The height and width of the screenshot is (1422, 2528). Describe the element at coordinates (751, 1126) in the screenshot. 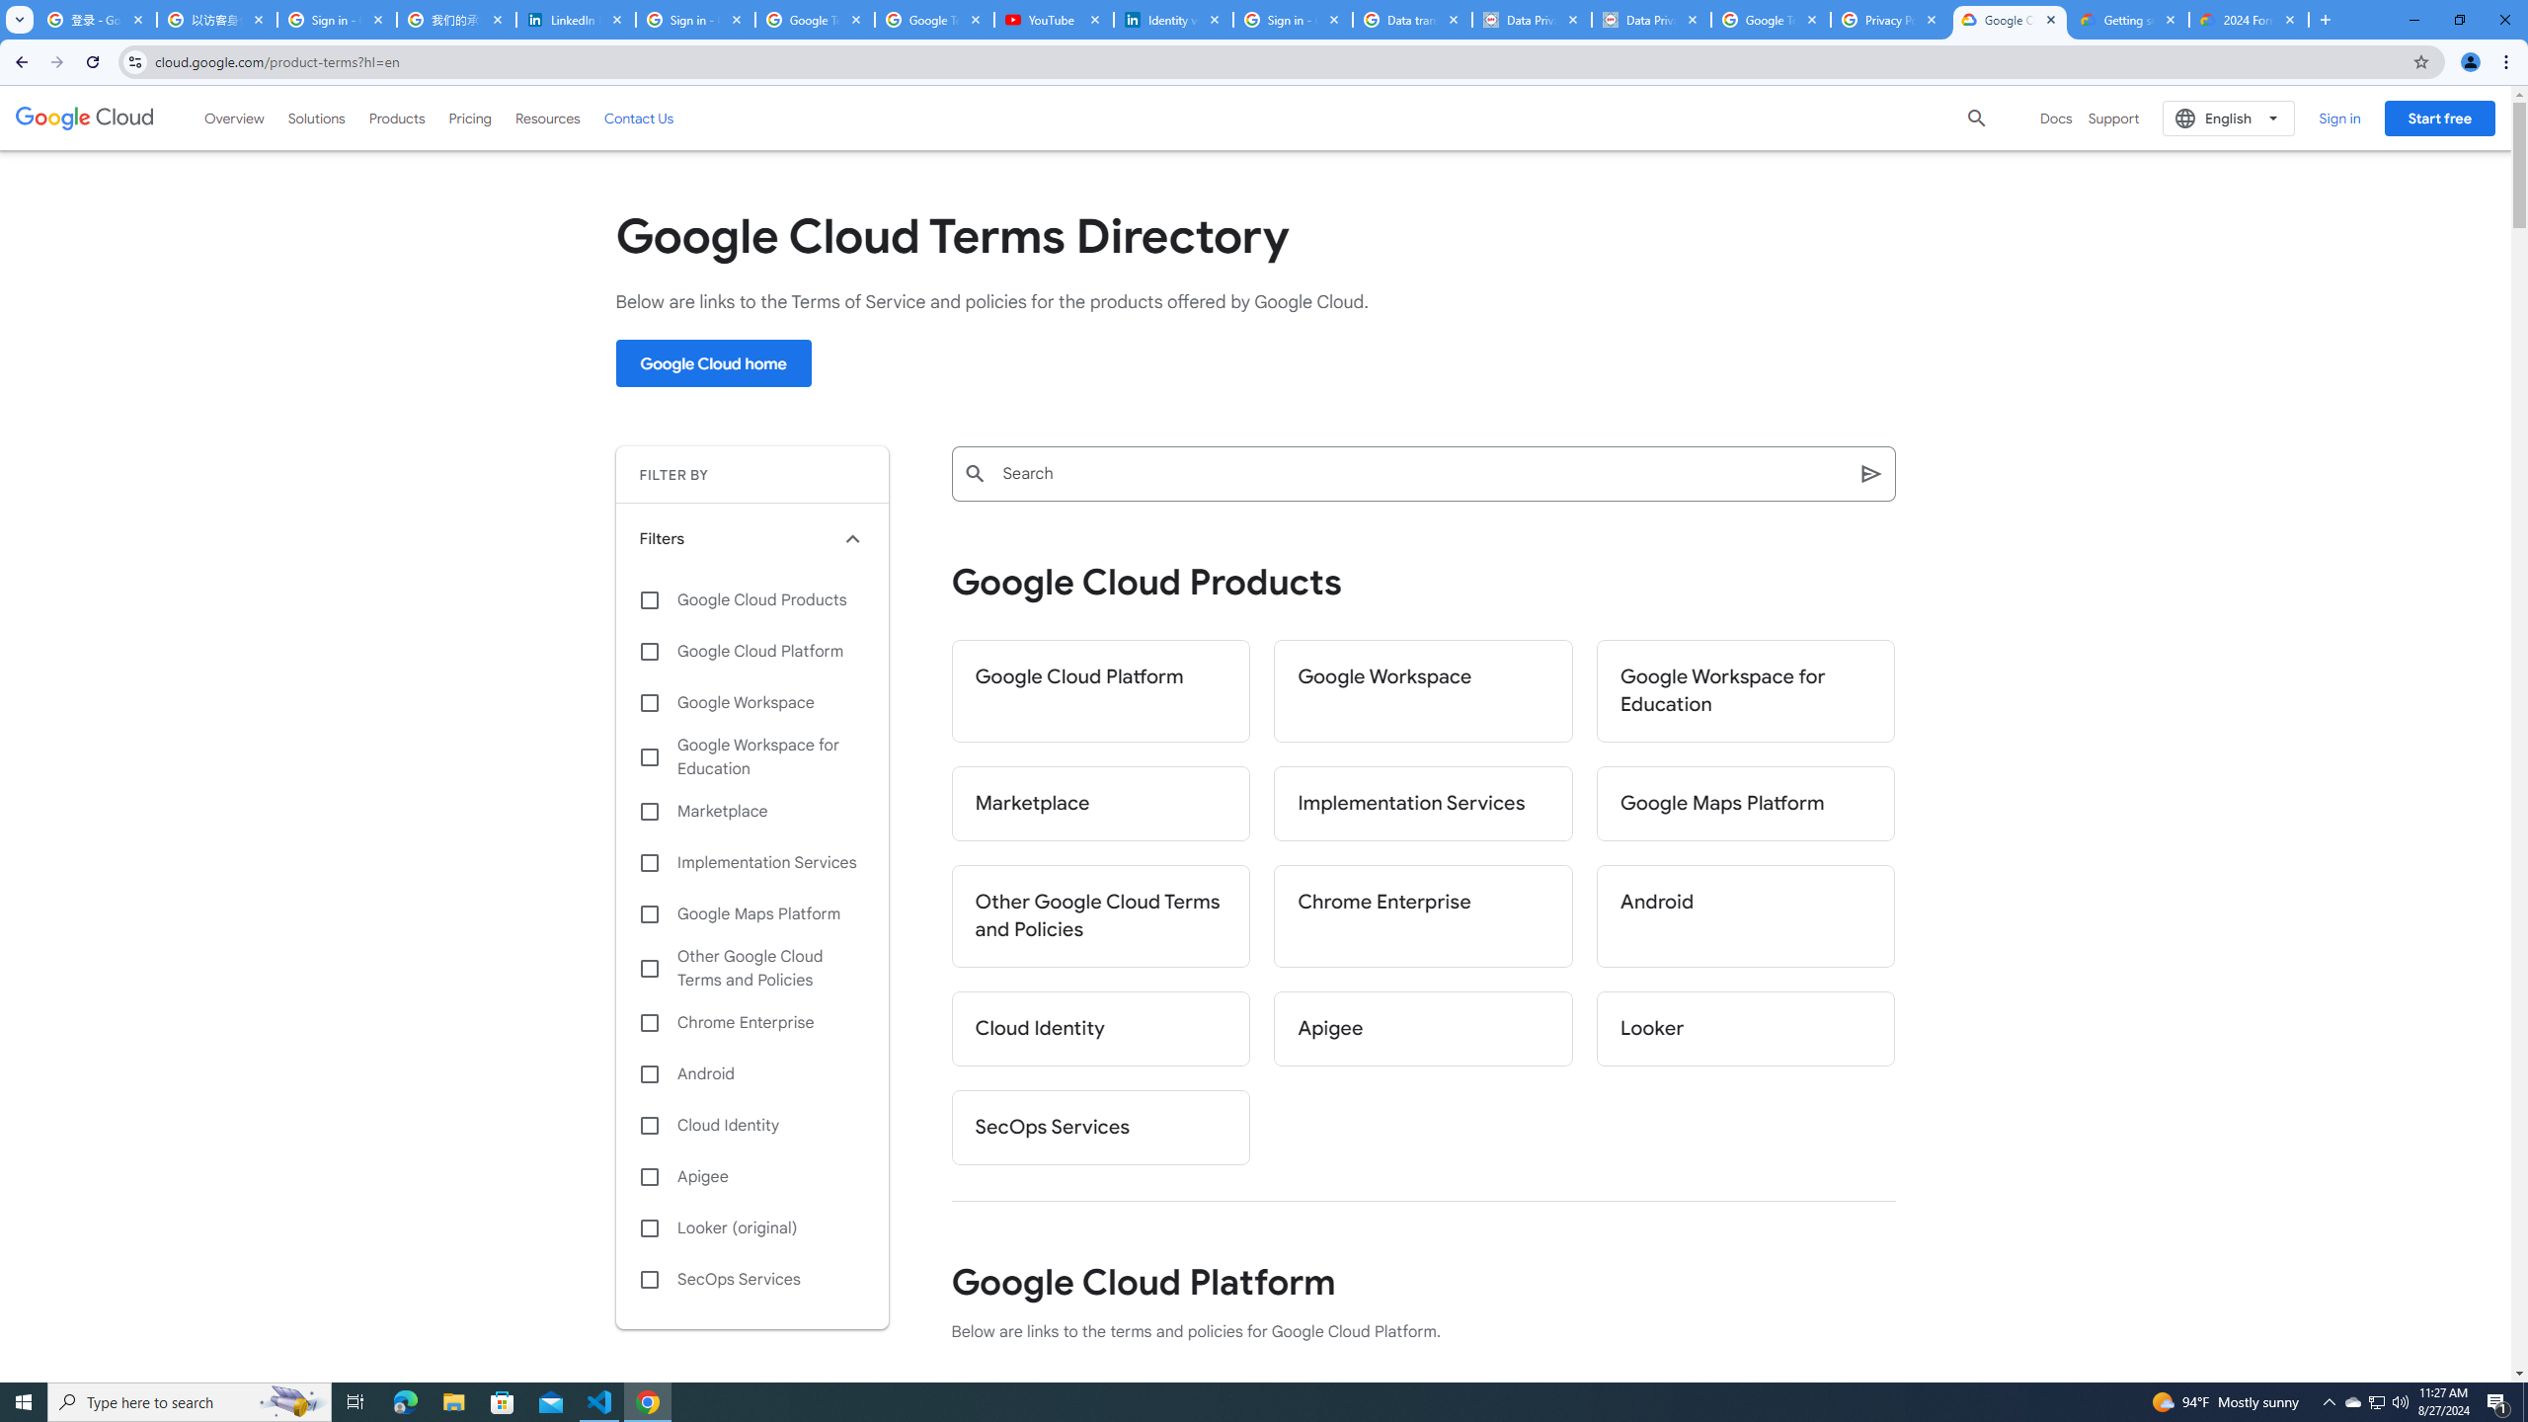

I see `'Cloud Identity'` at that location.